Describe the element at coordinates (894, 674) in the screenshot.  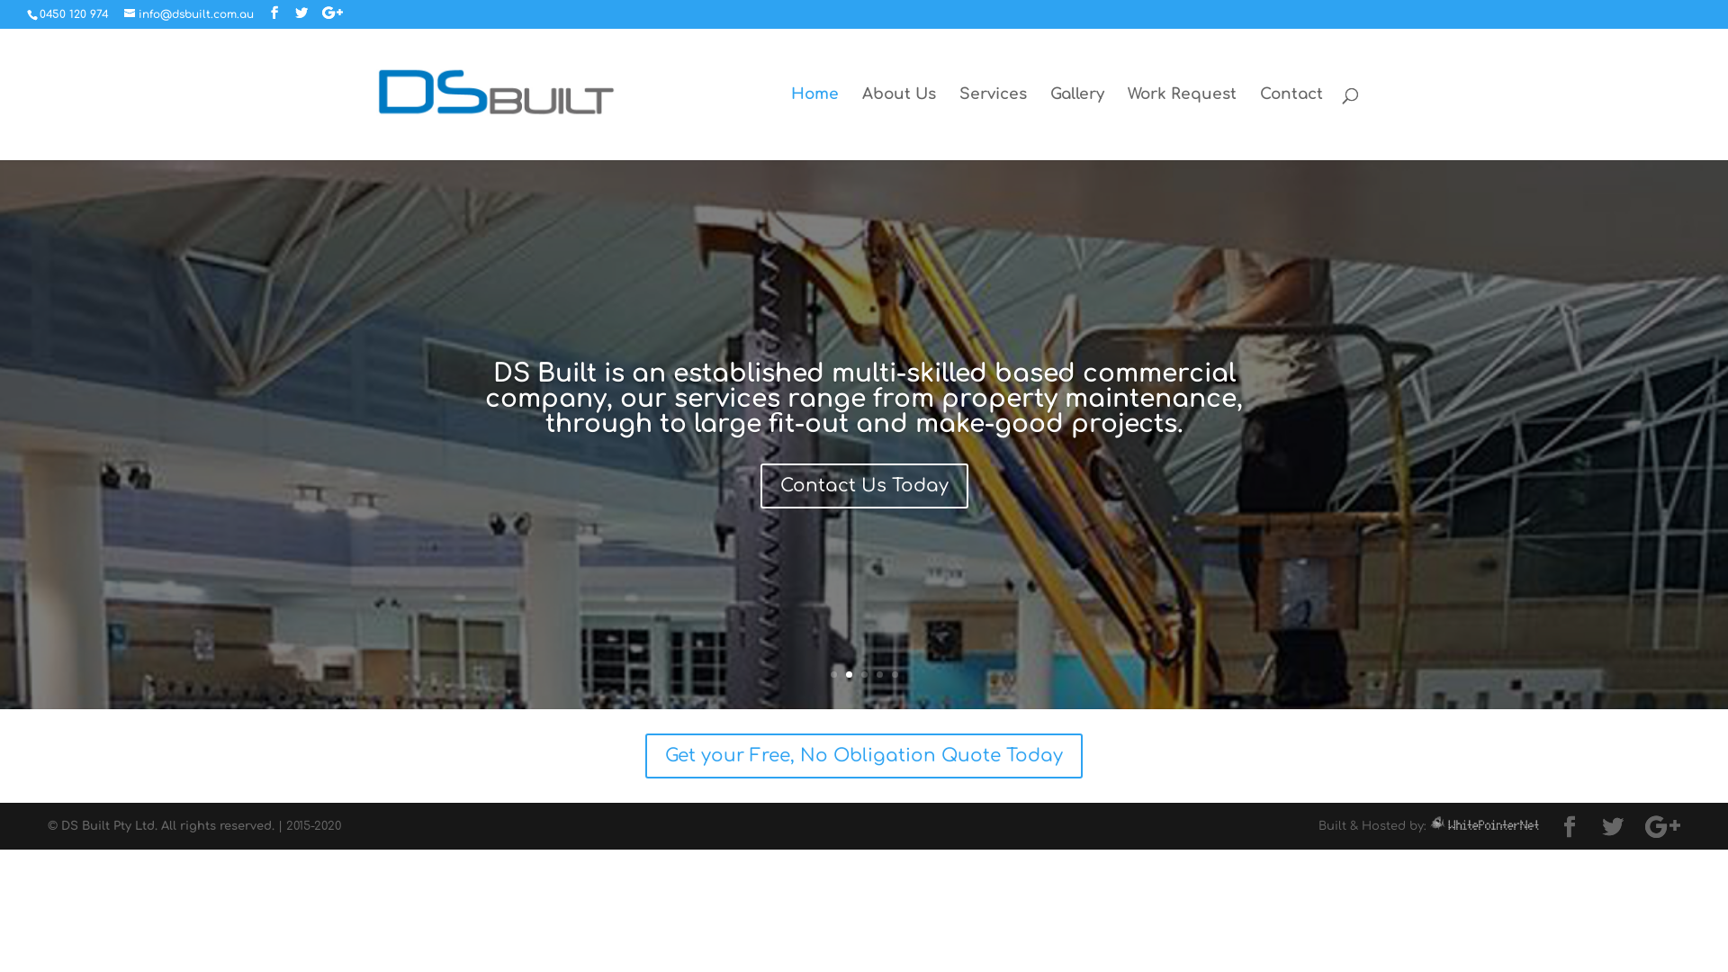
I see `'5'` at that location.